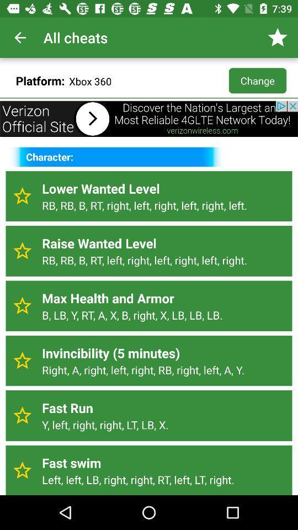  Describe the element at coordinates (22, 470) in the screenshot. I see `for rateing` at that location.